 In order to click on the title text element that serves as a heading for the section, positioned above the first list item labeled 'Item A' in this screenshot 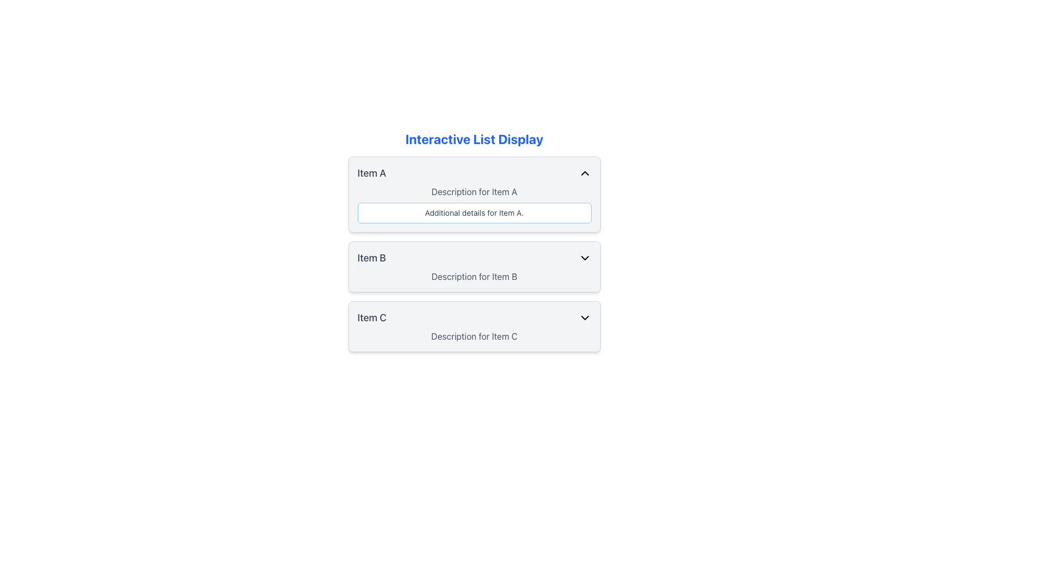, I will do `click(474, 138)`.